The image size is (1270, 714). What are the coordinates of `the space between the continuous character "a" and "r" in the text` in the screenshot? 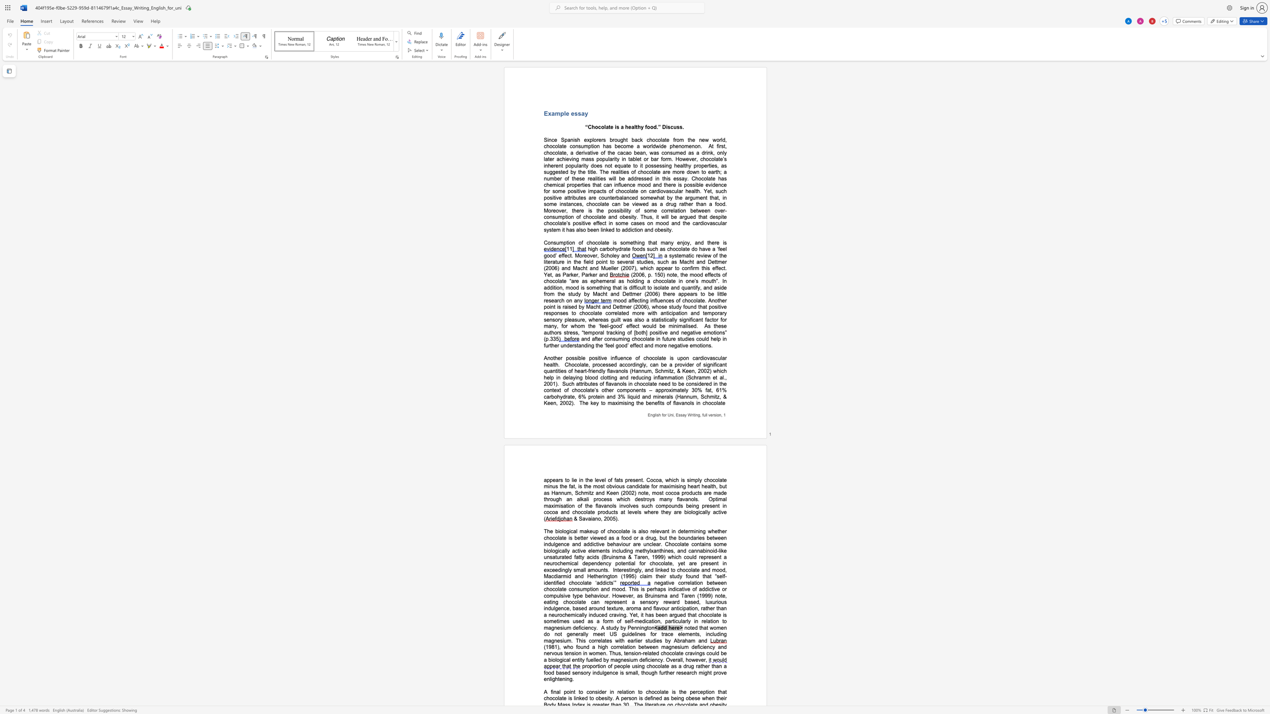 It's located at (676, 512).